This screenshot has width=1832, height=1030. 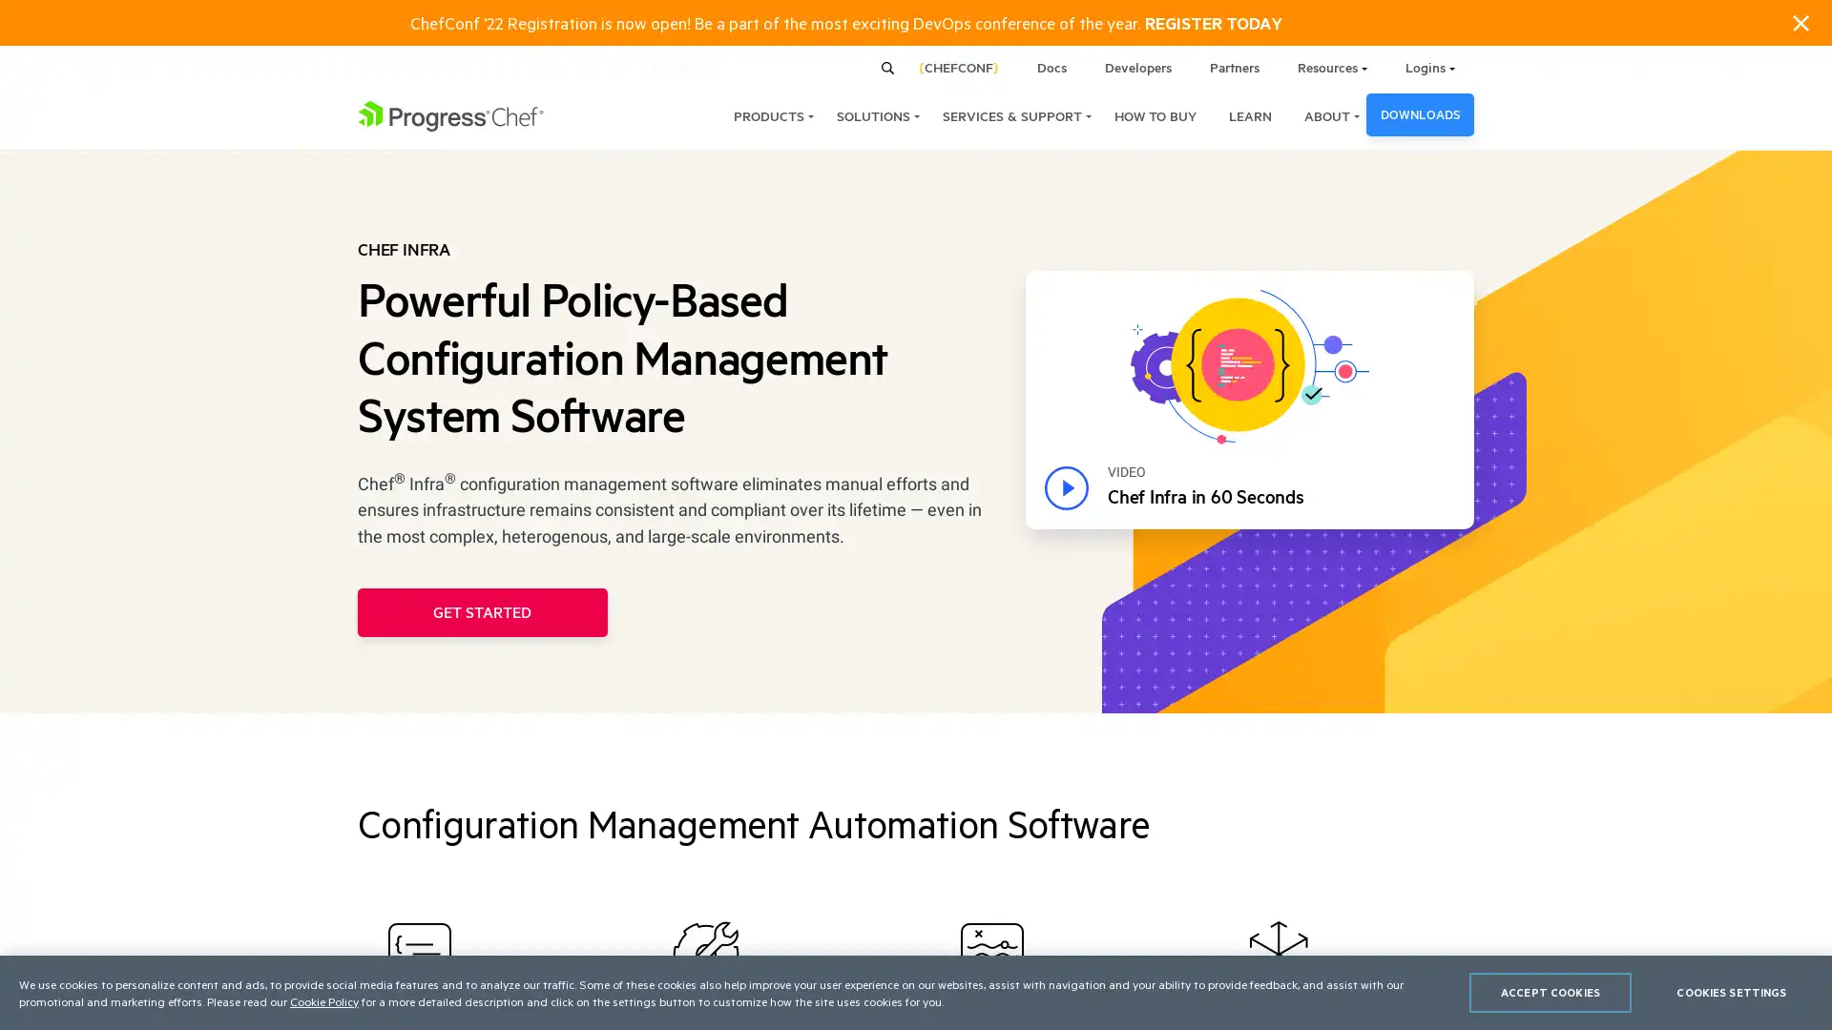 What do you see at coordinates (1331, 68) in the screenshot?
I see `Resources` at bounding box center [1331, 68].